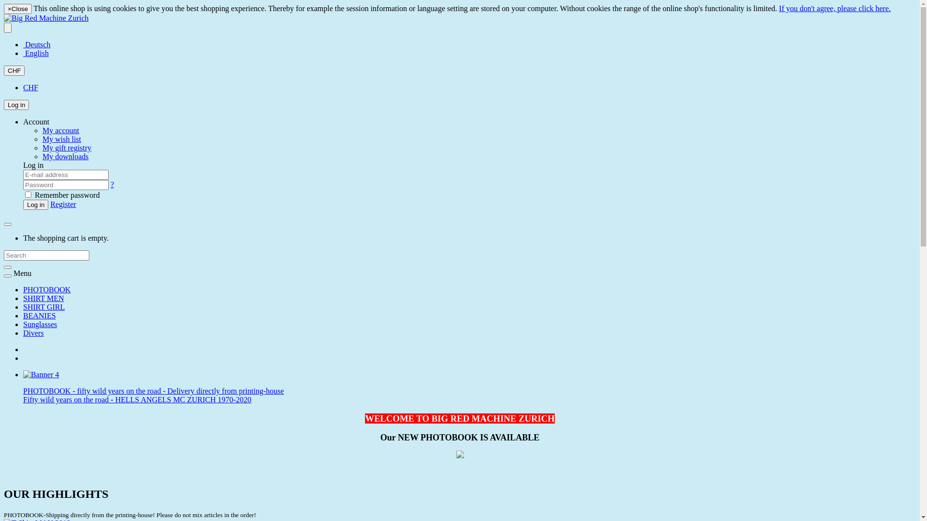 The image size is (927, 521). I want to click on 'English', so click(23, 53).